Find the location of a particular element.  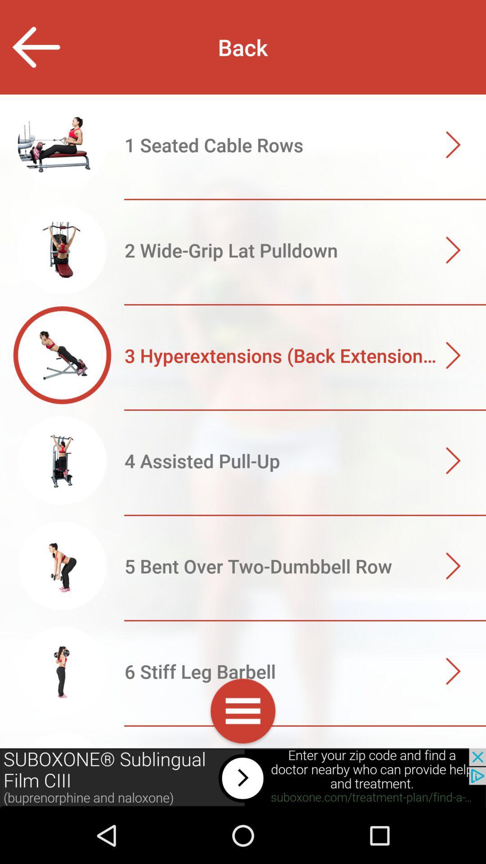

advertisement is located at coordinates (243, 777).